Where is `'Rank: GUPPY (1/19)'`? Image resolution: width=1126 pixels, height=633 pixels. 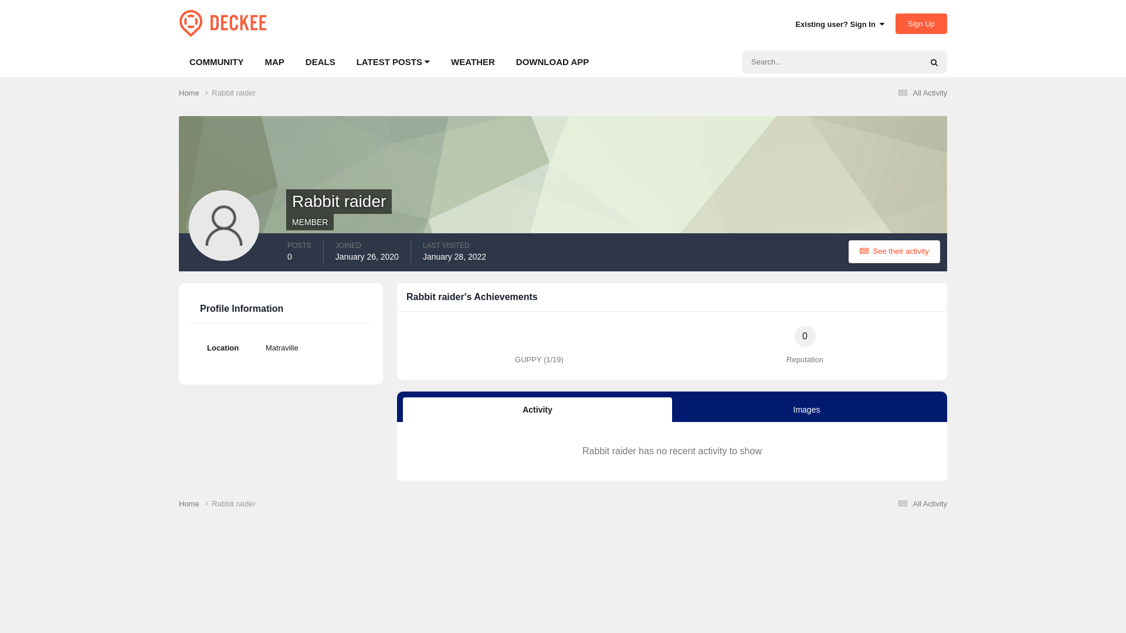 'Rank: GUPPY (1/19)' is located at coordinates (539, 336).